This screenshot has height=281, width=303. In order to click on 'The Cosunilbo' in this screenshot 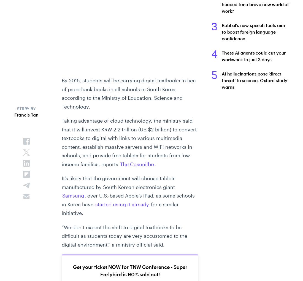, I will do `click(137, 164)`.